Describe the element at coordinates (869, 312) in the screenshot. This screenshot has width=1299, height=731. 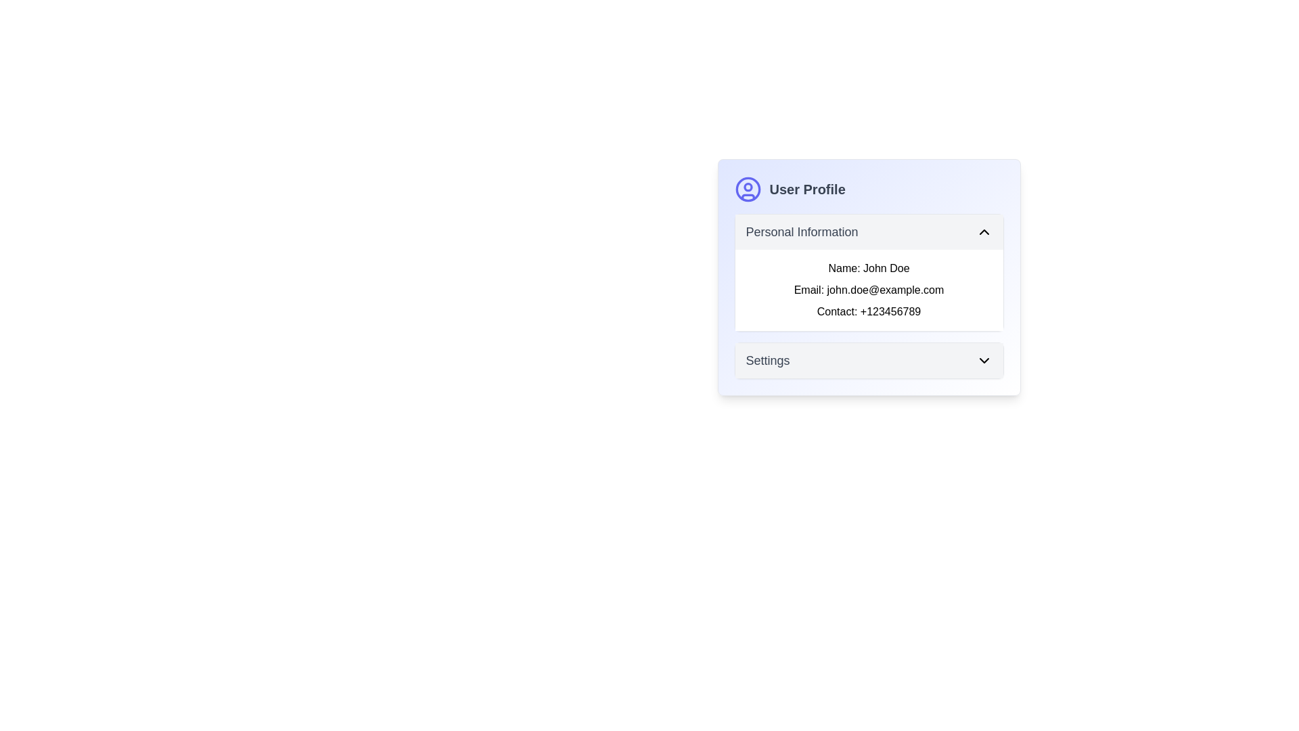
I see `the text label displaying 'Contact: +123456789', which is located in the 'Personal Information' section of the 'User Profile' card, positioned below the 'Email' field` at that location.